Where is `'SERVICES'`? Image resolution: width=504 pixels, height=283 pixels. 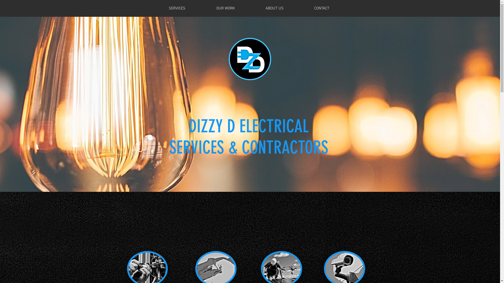
'SERVICES' is located at coordinates (177, 8).